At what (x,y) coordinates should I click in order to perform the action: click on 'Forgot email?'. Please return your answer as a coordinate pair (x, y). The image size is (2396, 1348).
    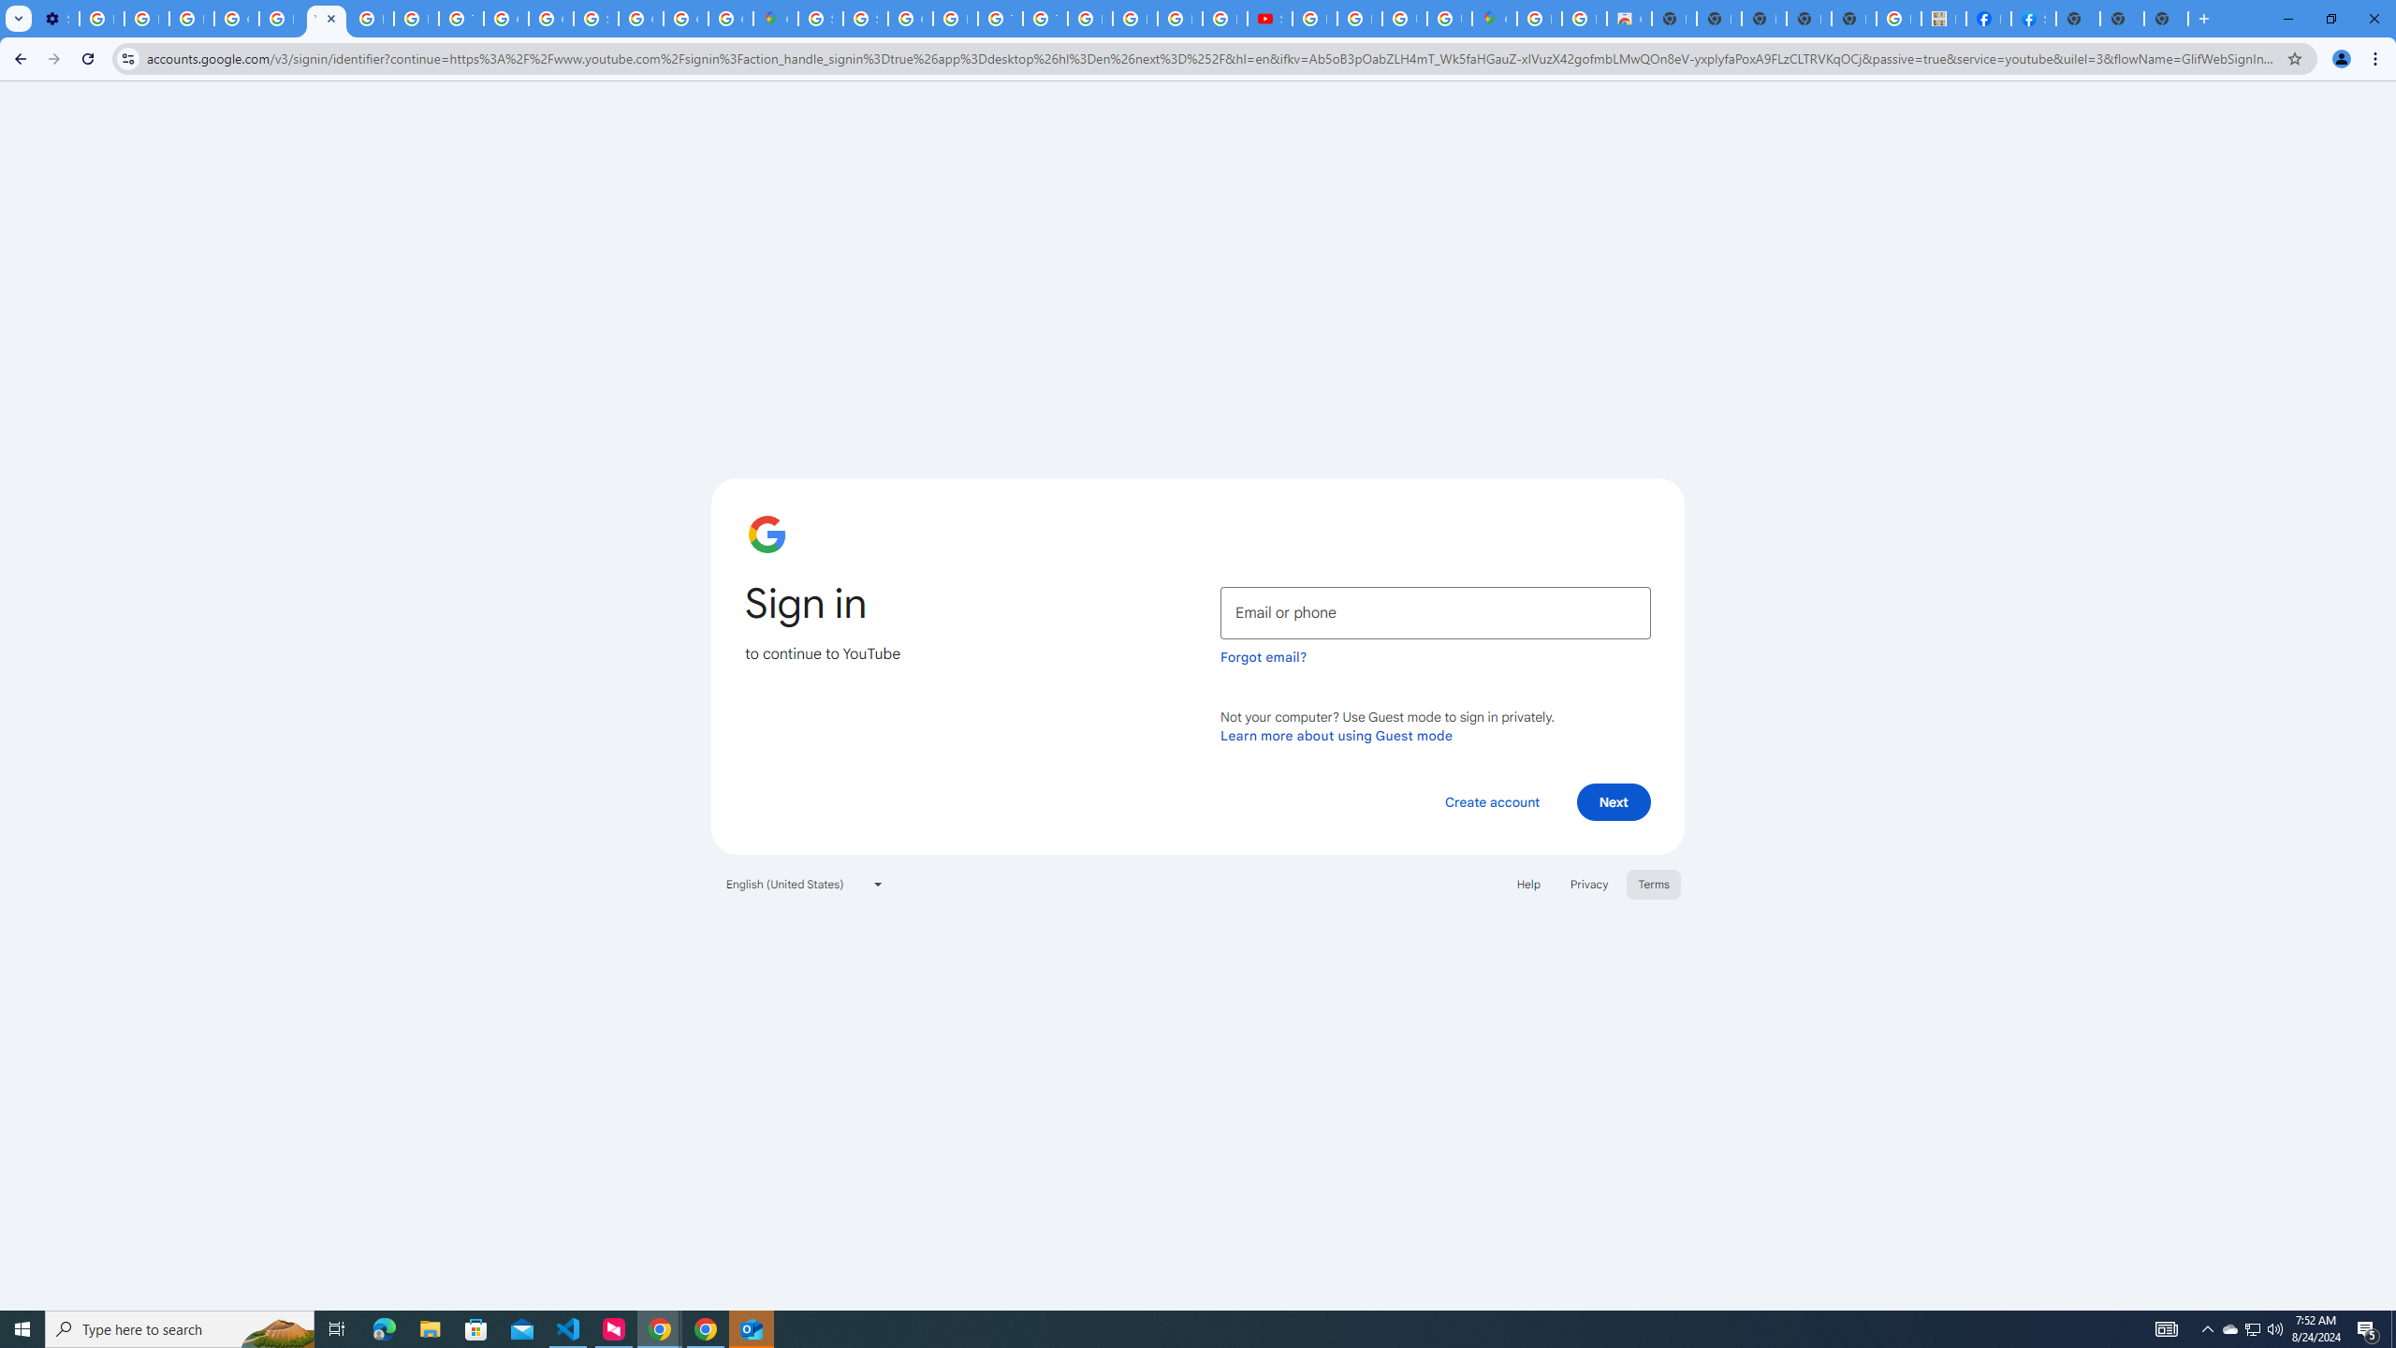
    Looking at the image, I should click on (1263, 656).